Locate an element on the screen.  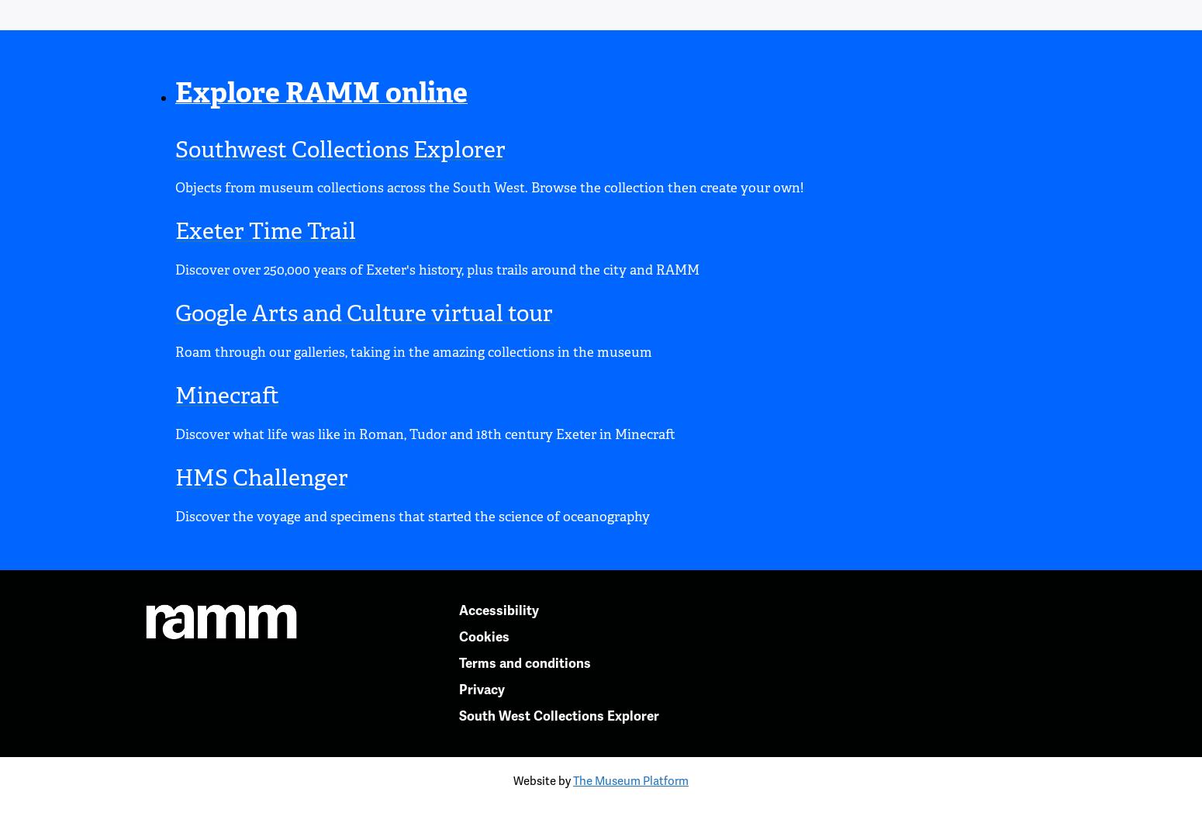
'Accessibility' is located at coordinates (497, 609).